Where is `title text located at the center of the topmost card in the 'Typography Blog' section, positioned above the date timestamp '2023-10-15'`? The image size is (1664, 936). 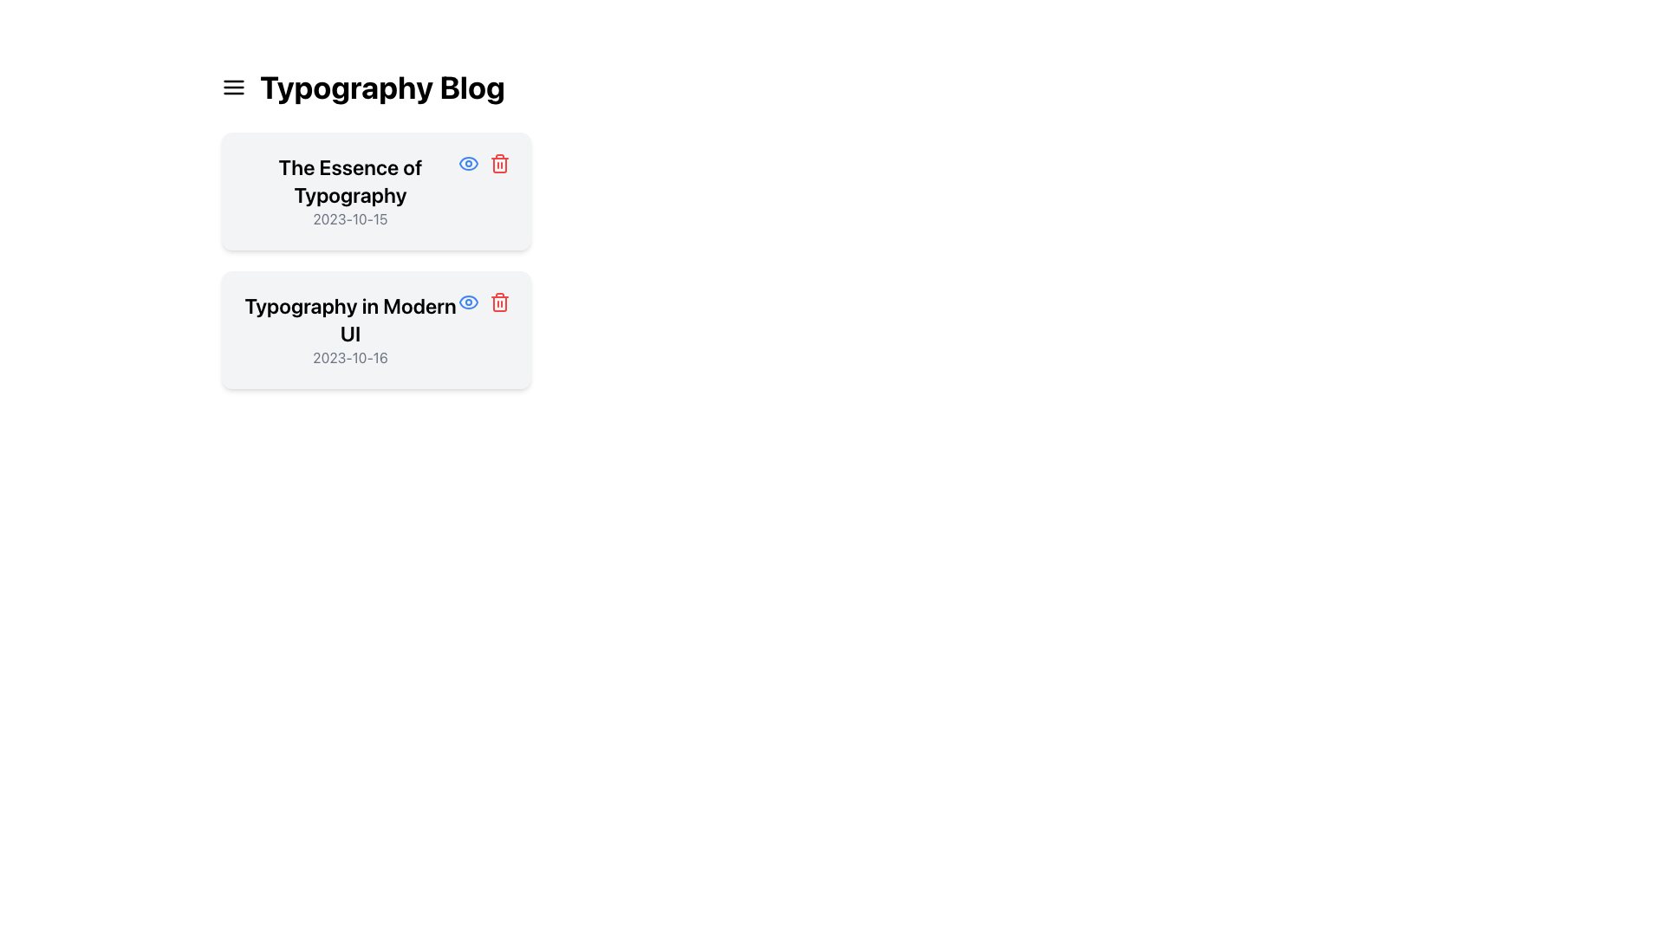
title text located at the center of the topmost card in the 'Typography Blog' section, positioned above the date timestamp '2023-10-15' is located at coordinates (349, 180).